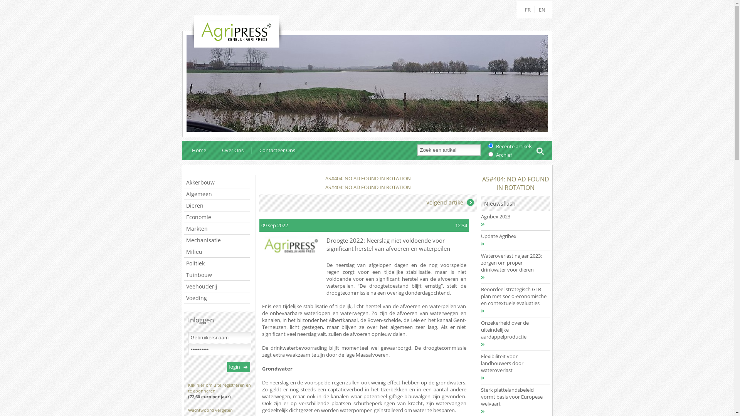  What do you see at coordinates (184, 240) in the screenshot?
I see `'Mechanisatie'` at bounding box center [184, 240].